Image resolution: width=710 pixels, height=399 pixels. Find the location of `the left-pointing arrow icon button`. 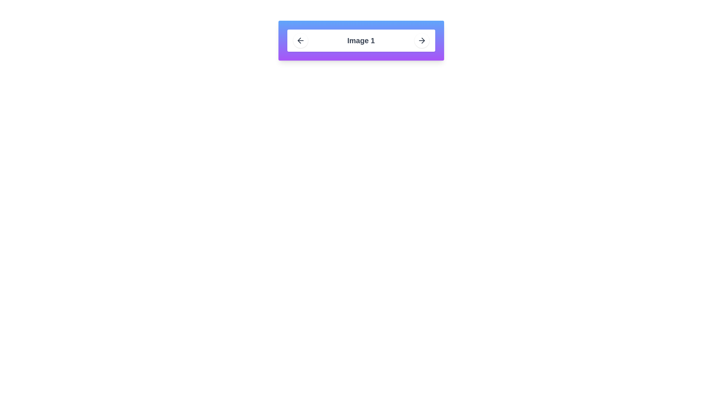

the left-pointing arrow icon button is located at coordinates (300, 41).